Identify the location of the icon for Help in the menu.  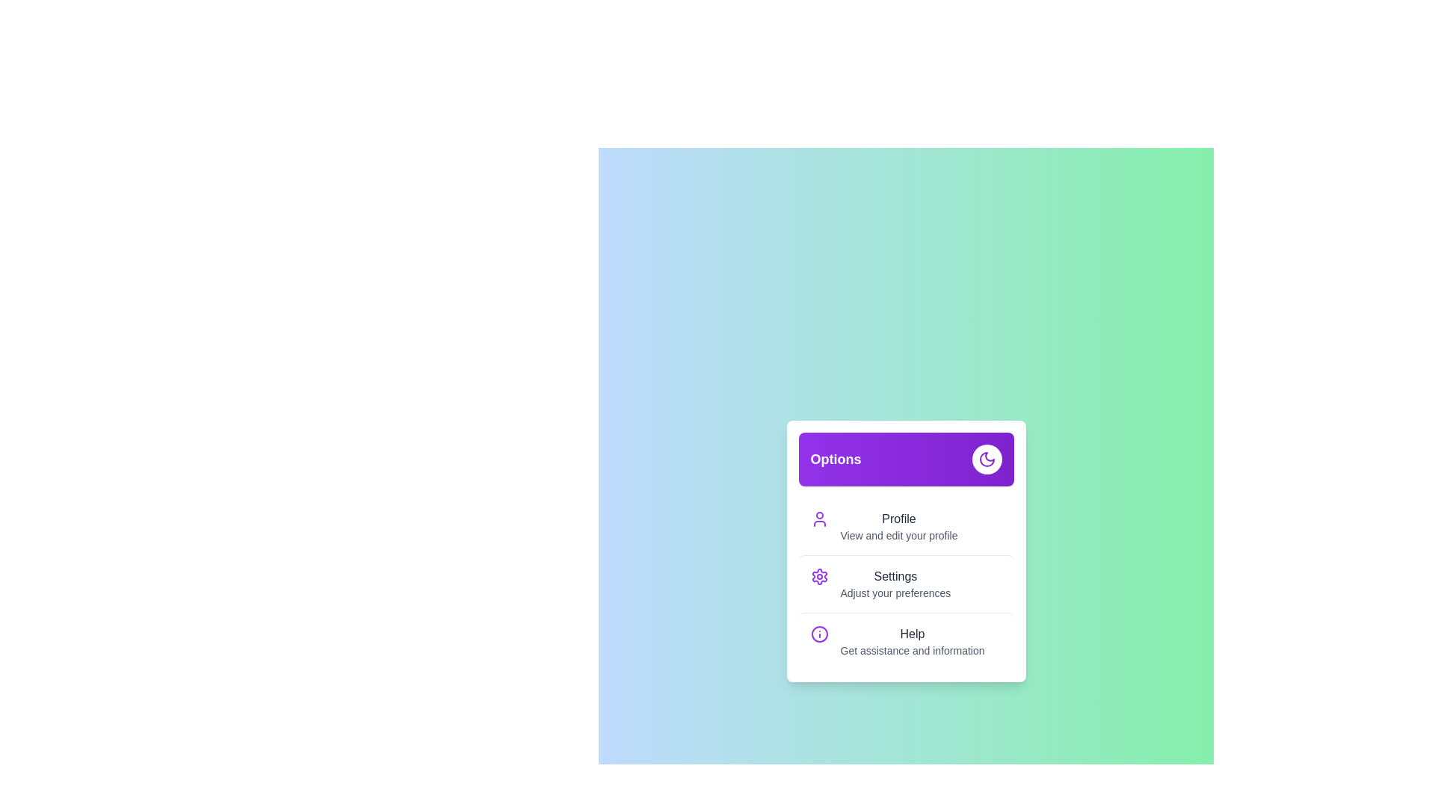
(818, 634).